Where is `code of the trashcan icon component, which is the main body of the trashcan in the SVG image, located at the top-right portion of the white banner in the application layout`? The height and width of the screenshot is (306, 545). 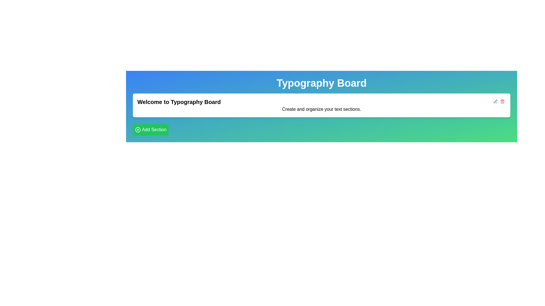
code of the trashcan icon component, which is the main body of the trashcan in the SVG image, located at the top-right portion of the white banner in the application layout is located at coordinates (502, 101).